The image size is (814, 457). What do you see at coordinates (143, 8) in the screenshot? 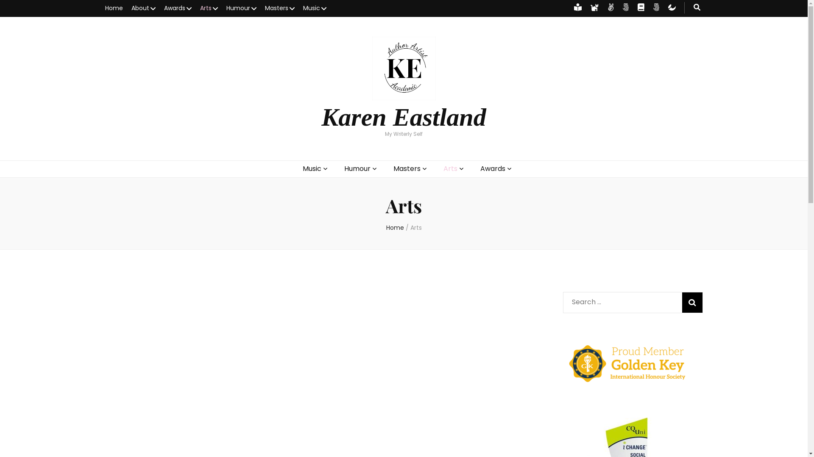
I see `'About'` at bounding box center [143, 8].